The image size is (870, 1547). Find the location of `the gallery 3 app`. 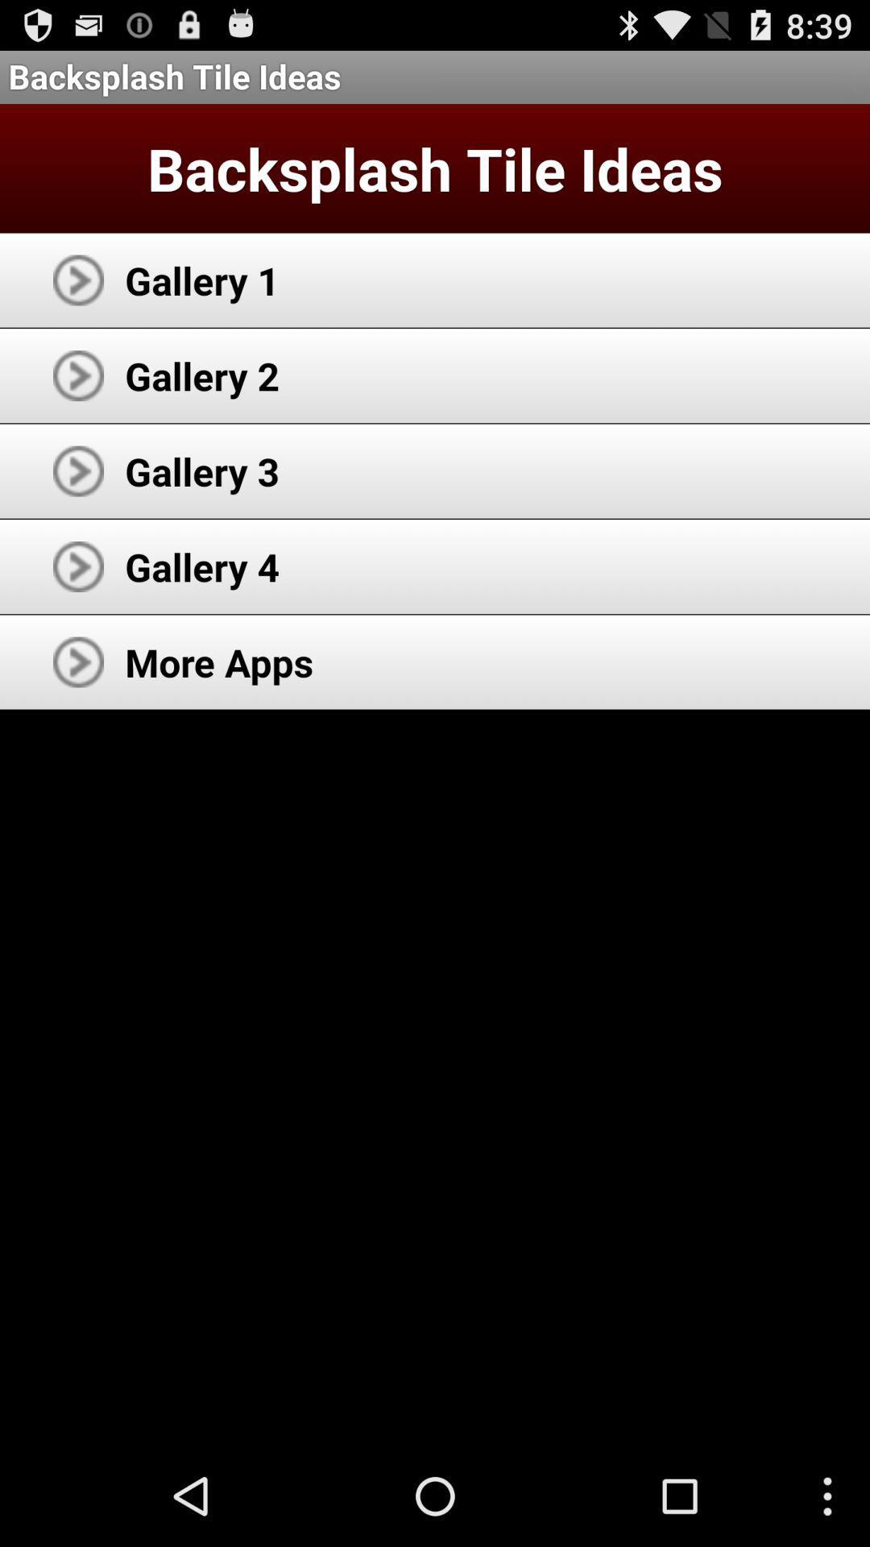

the gallery 3 app is located at coordinates (201, 471).